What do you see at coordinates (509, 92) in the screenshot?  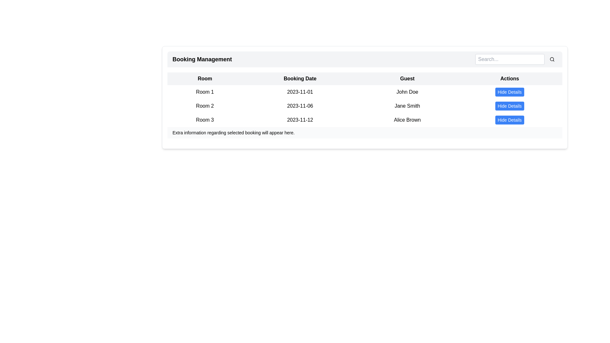 I see `the toggle button in the 'Actions' column of the table under the 'Booking Management' header for the 'John Doe' entry` at bounding box center [509, 92].